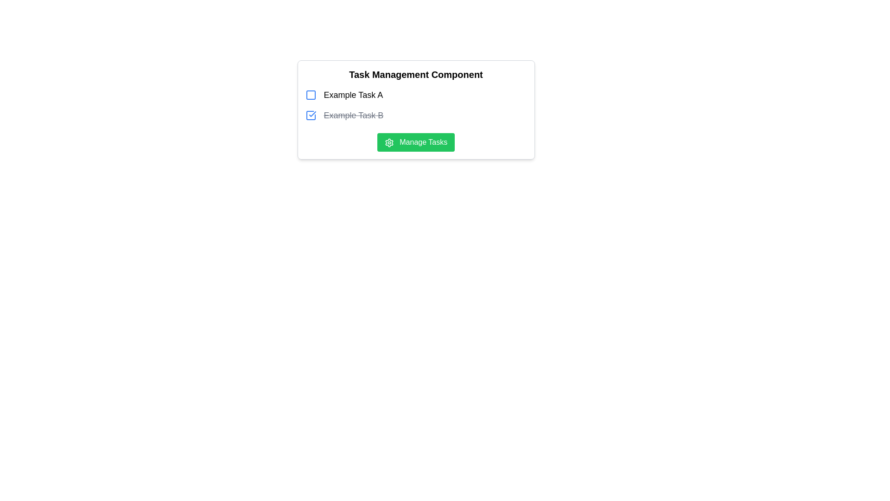  I want to click on the text label for 'Example Task B' which is marked as completed with strikethrough formatting, located below 'Example Task A' and above the 'Manage Tasks' button, so click(353, 115).